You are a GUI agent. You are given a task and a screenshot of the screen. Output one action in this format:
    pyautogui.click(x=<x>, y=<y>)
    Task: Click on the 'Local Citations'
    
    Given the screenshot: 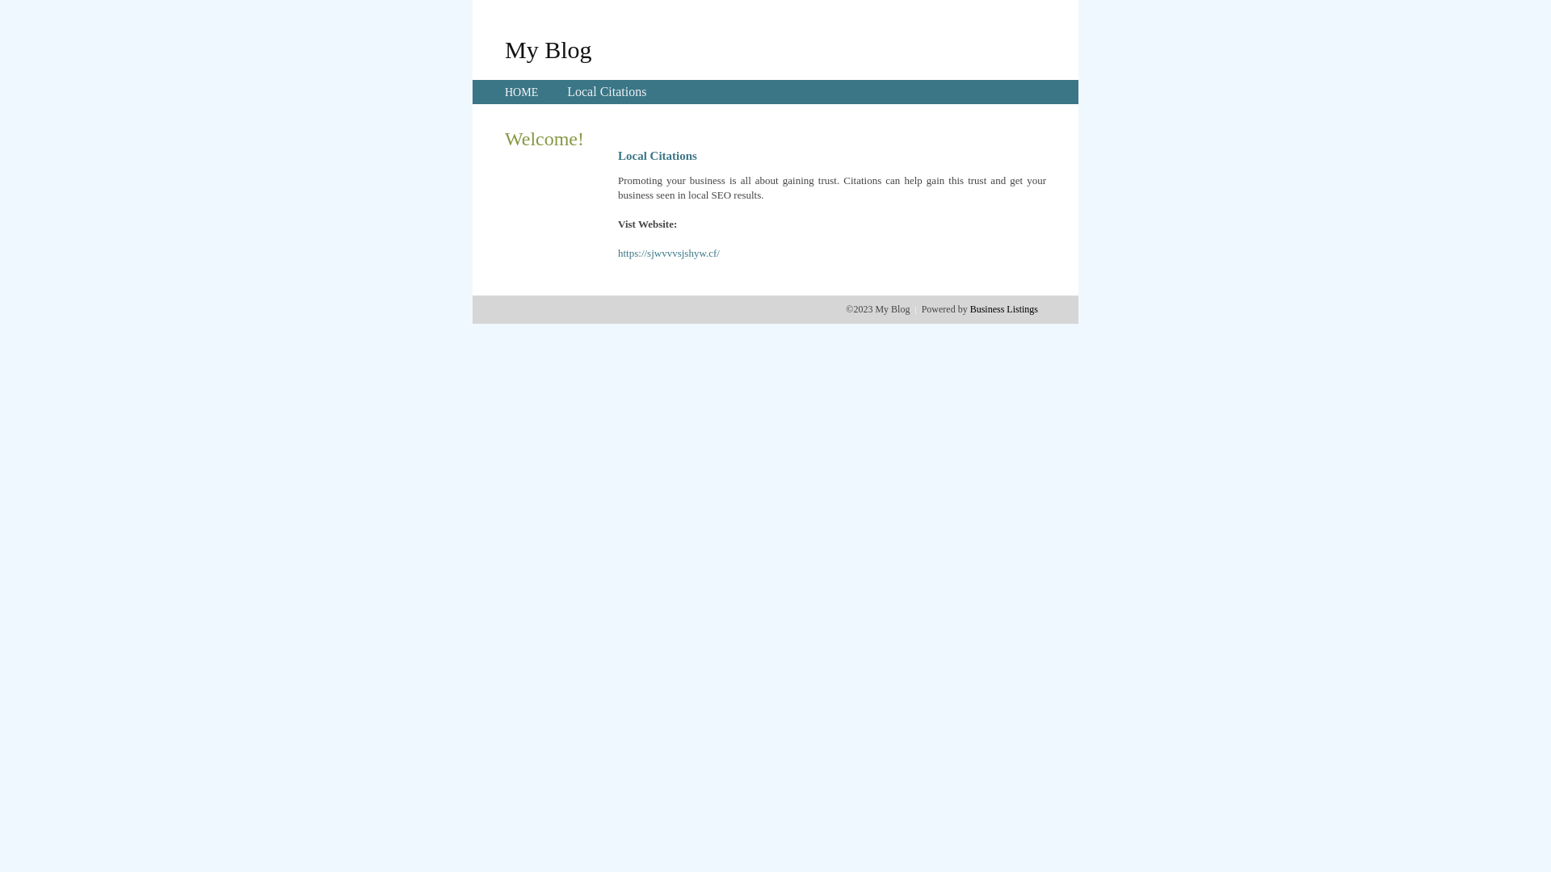 What is the action you would take?
    pyautogui.click(x=605, y=91)
    